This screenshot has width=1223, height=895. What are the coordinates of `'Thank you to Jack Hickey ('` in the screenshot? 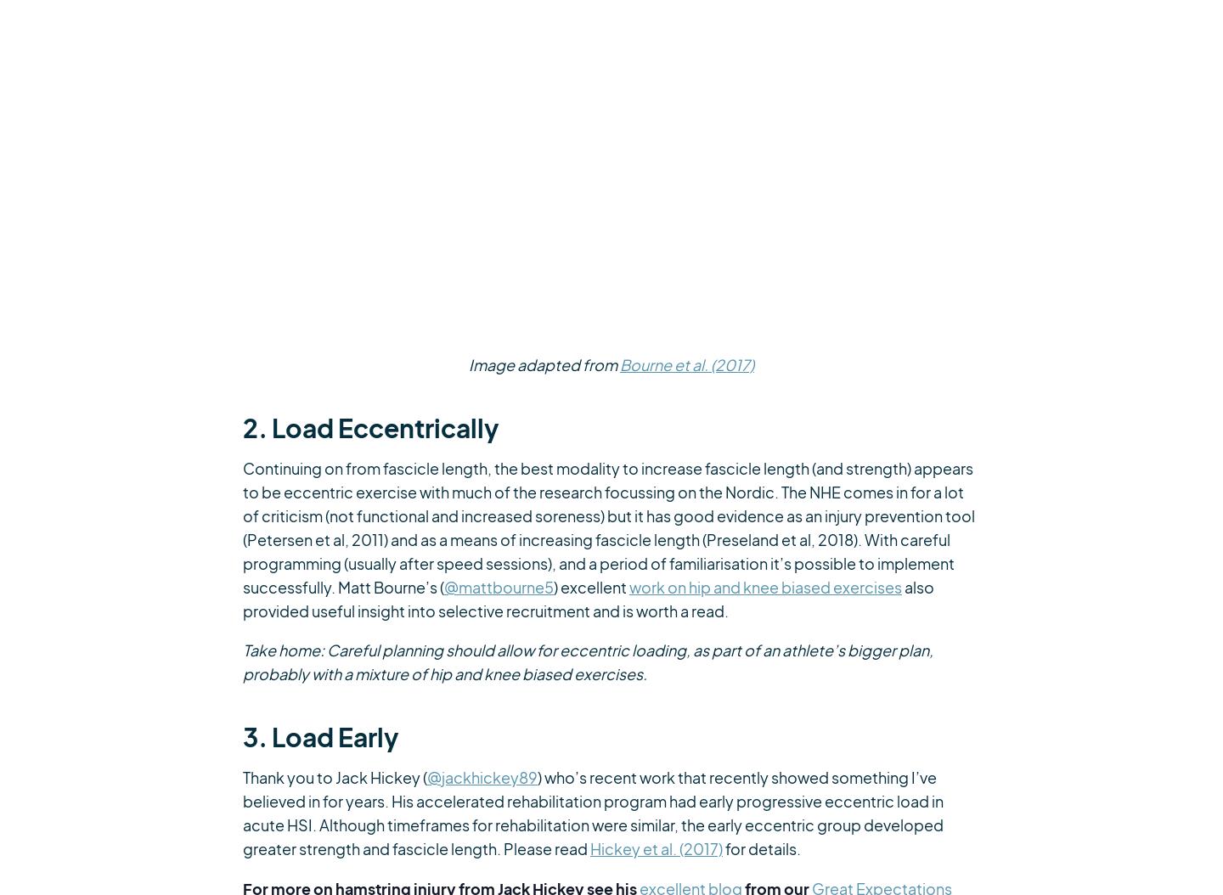 It's located at (334, 776).